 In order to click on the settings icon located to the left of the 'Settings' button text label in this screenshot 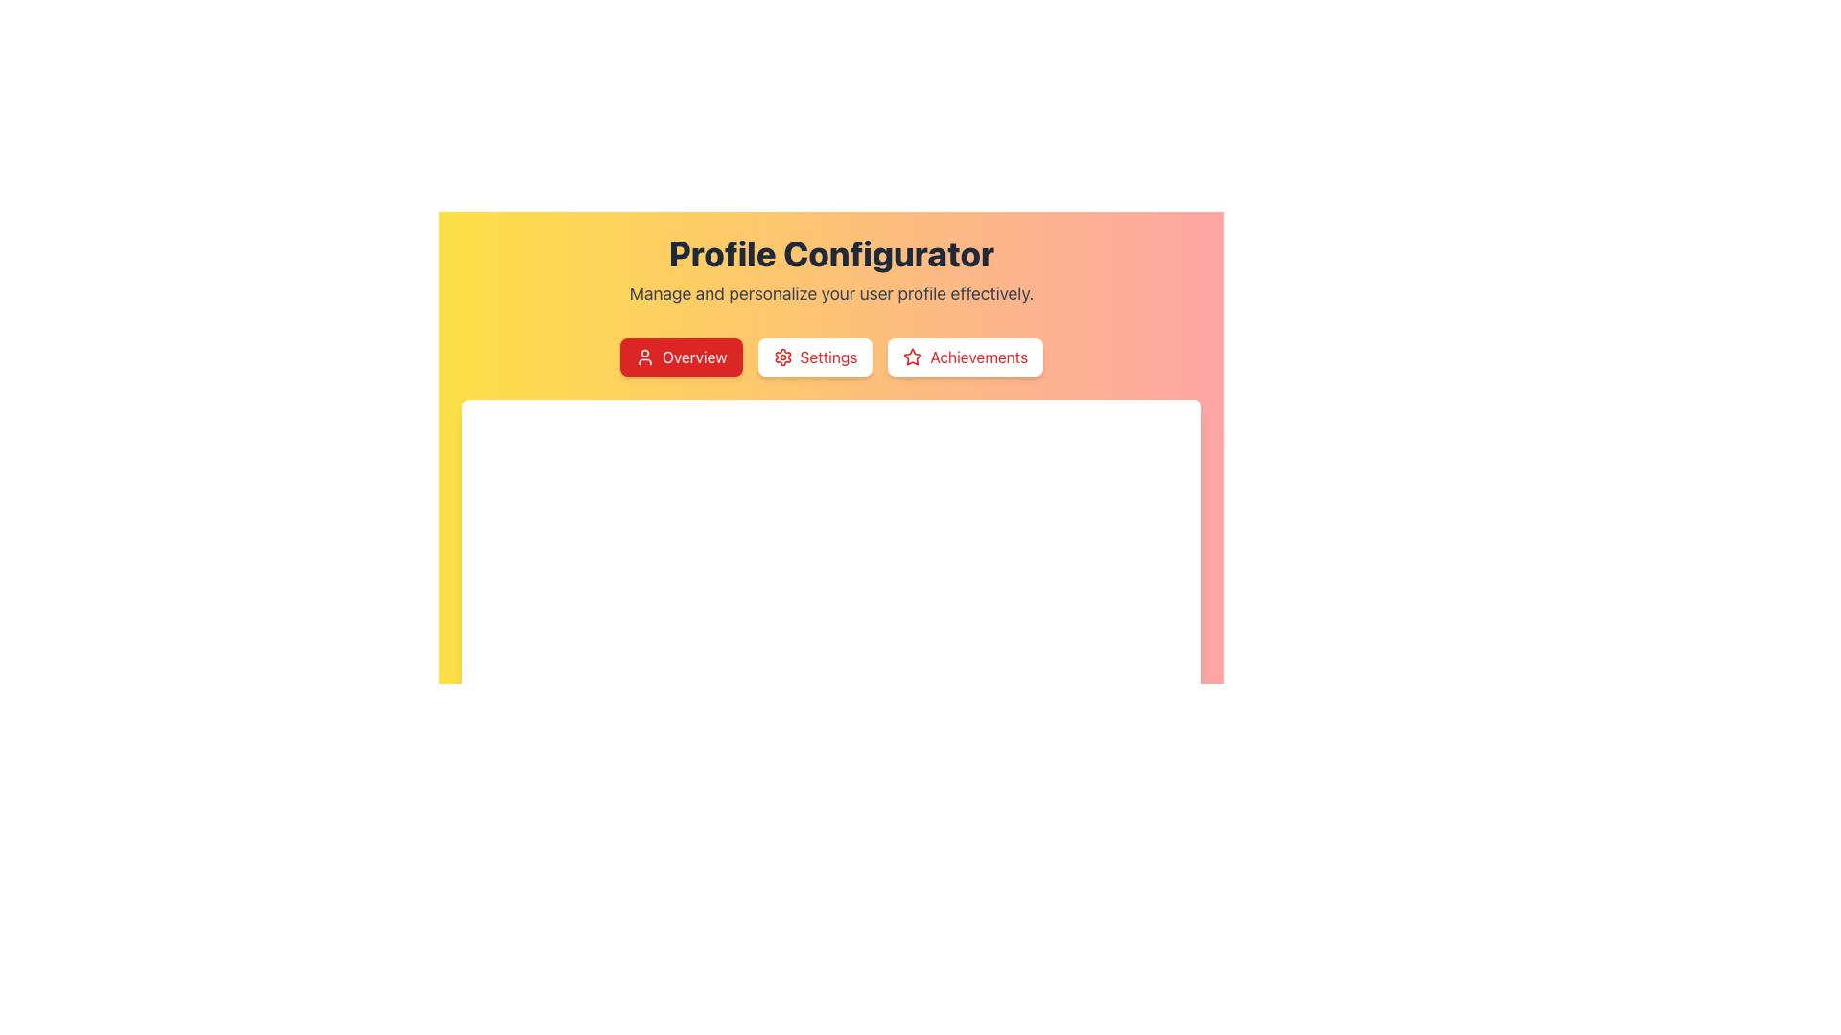, I will do `click(782, 357)`.